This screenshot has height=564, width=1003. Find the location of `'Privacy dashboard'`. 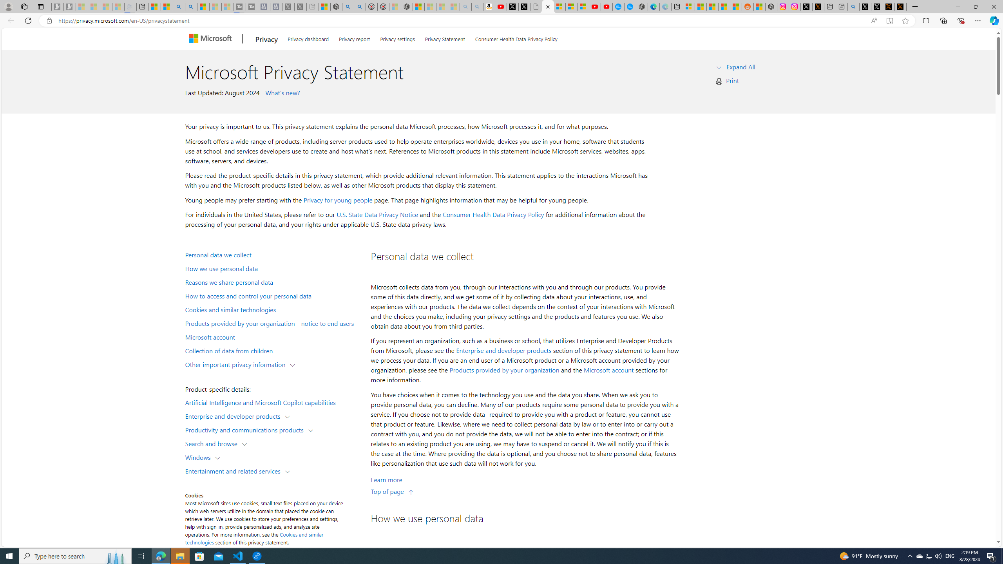

'Privacy dashboard' is located at coordinates (308, 38).